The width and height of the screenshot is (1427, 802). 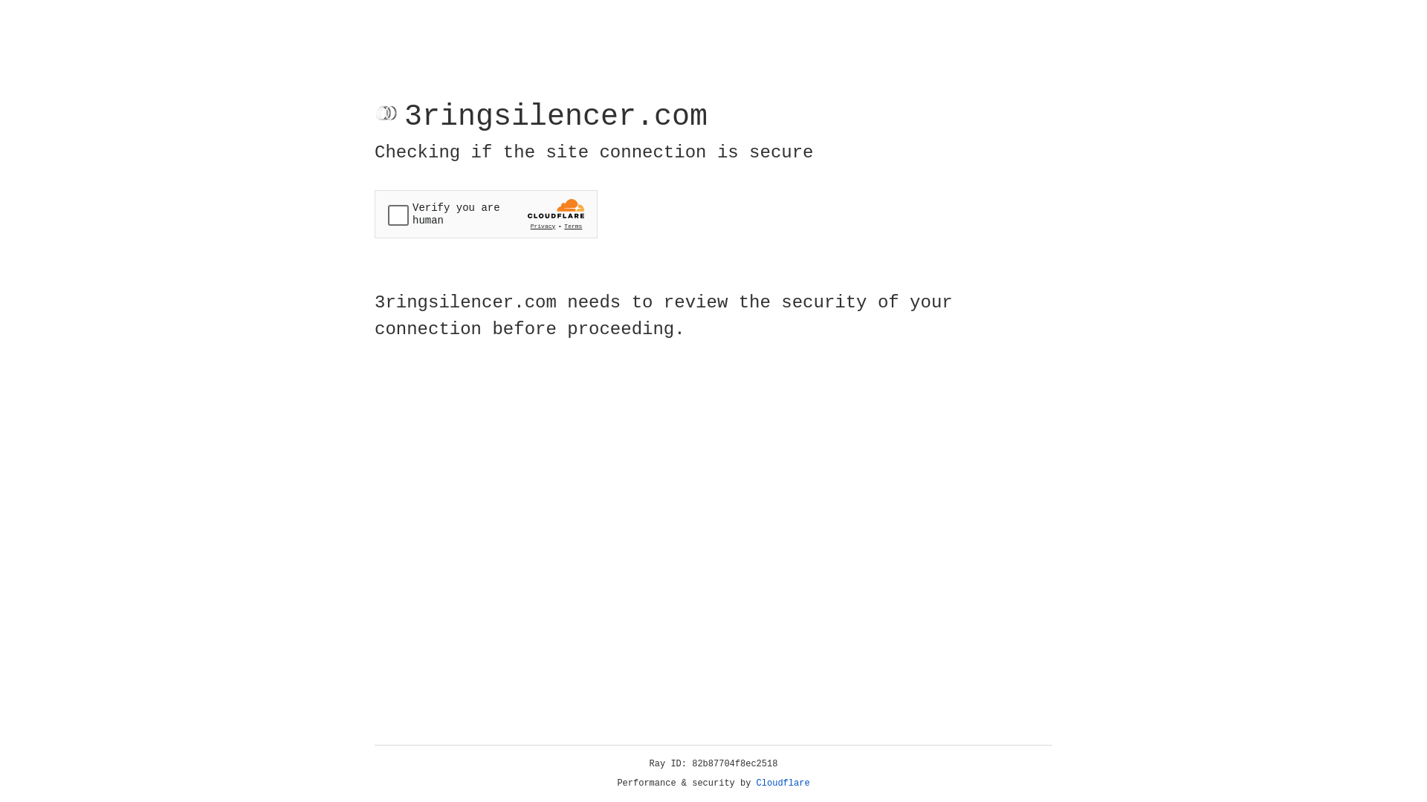 I want to click on 'Widget containing a Cloudflare security challenge', so click(x=485, y=214).